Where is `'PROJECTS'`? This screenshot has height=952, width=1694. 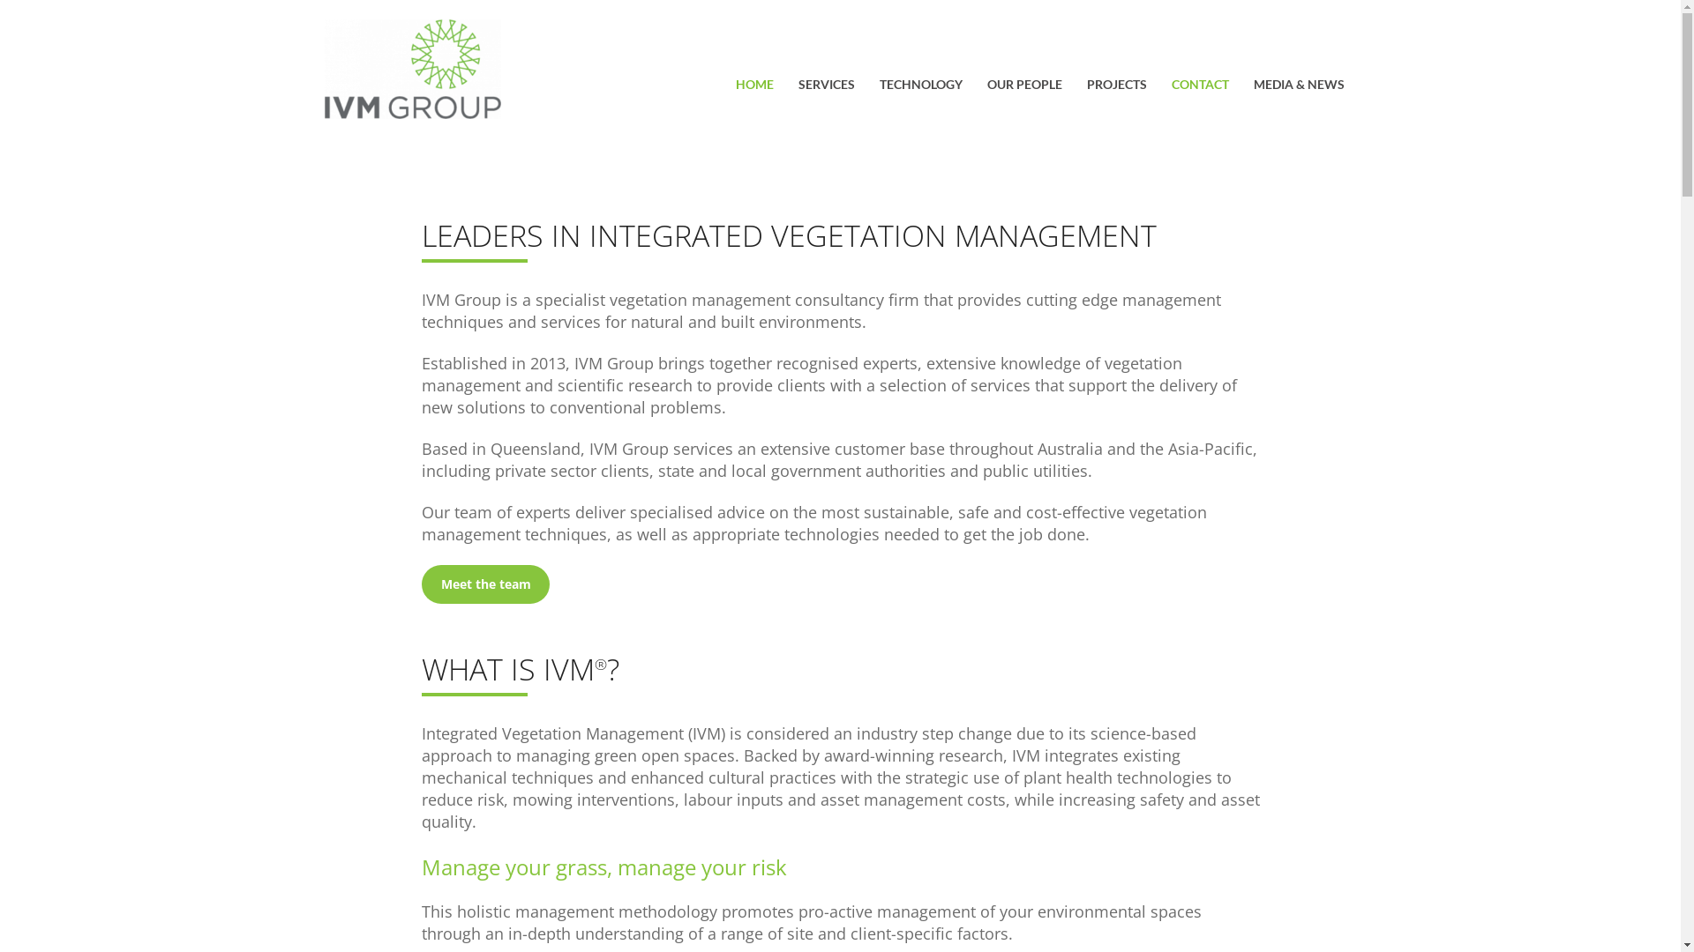
'PROJECTS' is located at coordinates (1116, 86).